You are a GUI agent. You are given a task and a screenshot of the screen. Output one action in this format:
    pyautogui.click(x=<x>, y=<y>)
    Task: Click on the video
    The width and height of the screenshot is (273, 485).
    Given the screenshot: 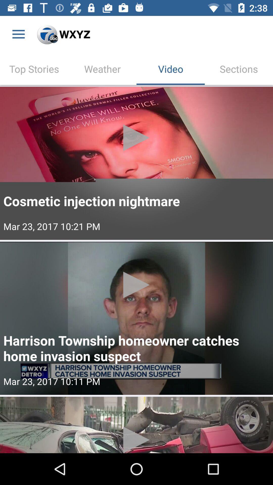 What is the action you would take?
    pyautogui.click(x=136, y=163)
    